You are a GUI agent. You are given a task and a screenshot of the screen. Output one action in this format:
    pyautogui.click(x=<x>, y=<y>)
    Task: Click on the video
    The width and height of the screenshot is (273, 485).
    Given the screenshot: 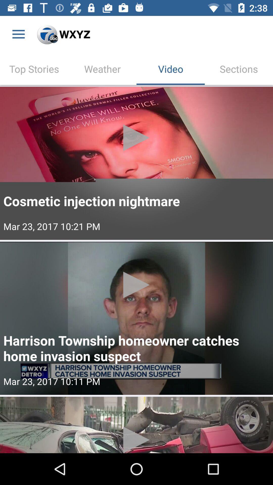 What is the action you would take?
    pyautogui.click(x=136, y=163)
    